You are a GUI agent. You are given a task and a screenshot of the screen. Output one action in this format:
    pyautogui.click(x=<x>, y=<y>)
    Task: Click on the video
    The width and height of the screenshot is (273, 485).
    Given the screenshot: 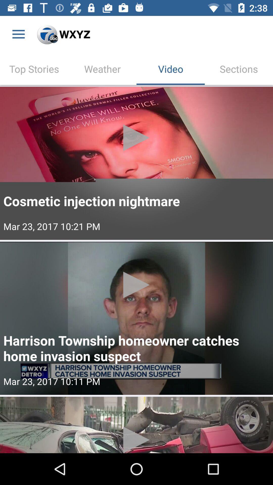 What is the action you would take?
    pyautogui.click(x=136, y=163)
    